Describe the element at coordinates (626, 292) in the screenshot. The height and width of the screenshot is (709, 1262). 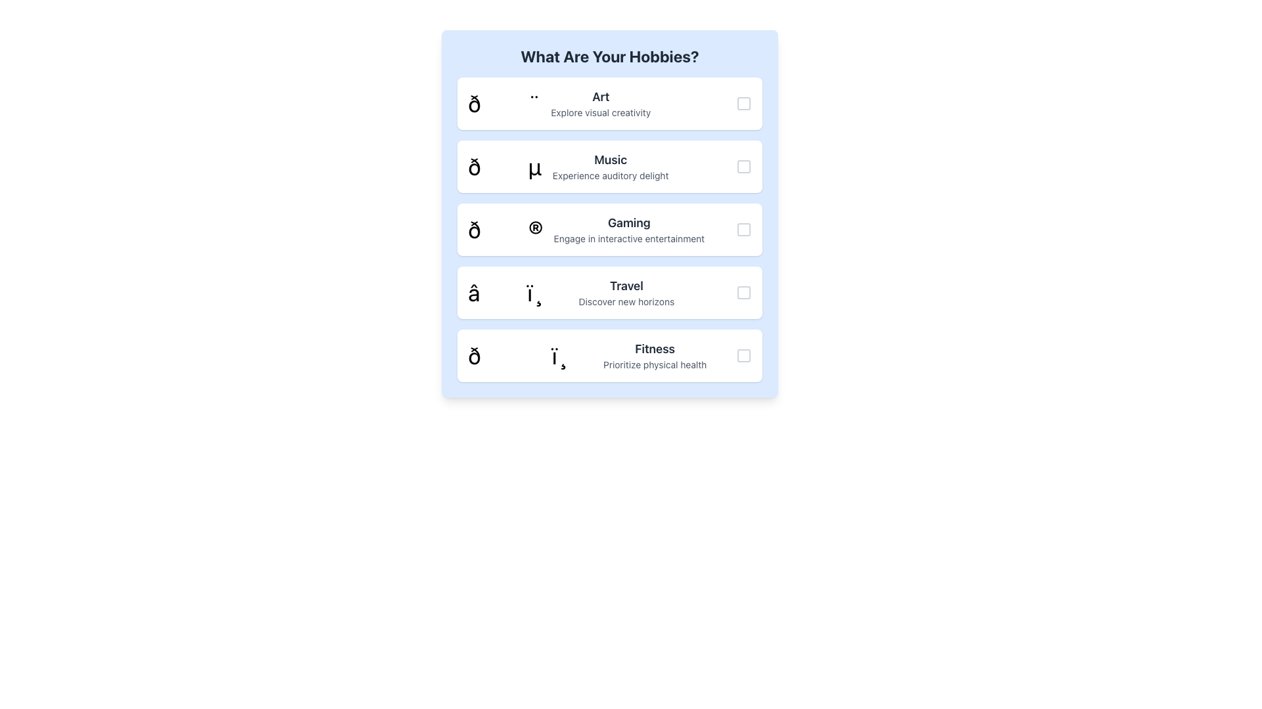
I see `the text block titled 'Travel' with the subtitle 'Discover new horizons' located in the fourth card under 'What Are Your Hobbies?'` at that location.